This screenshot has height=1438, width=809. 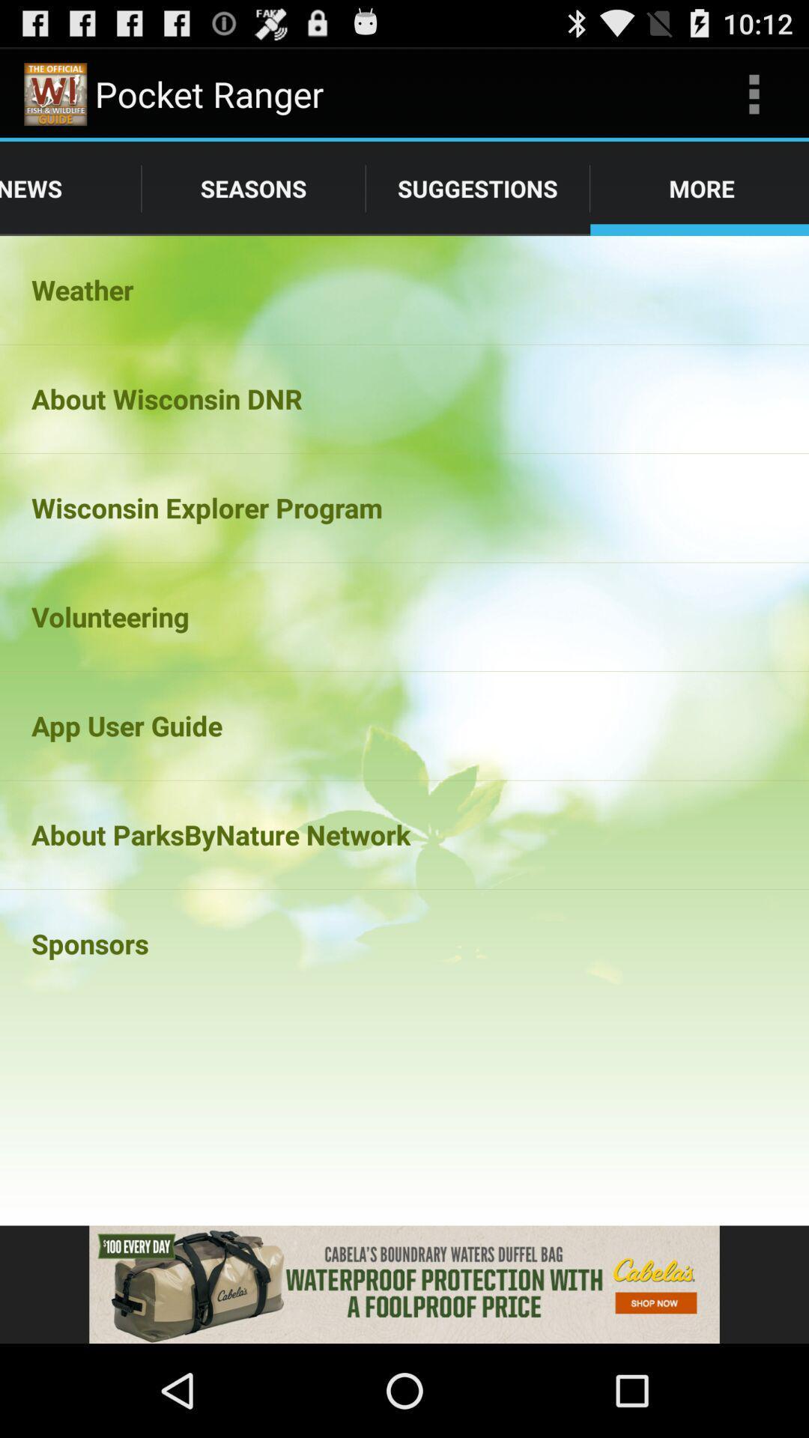 I want to click on advert pop up, so click(x=404, y=1284).